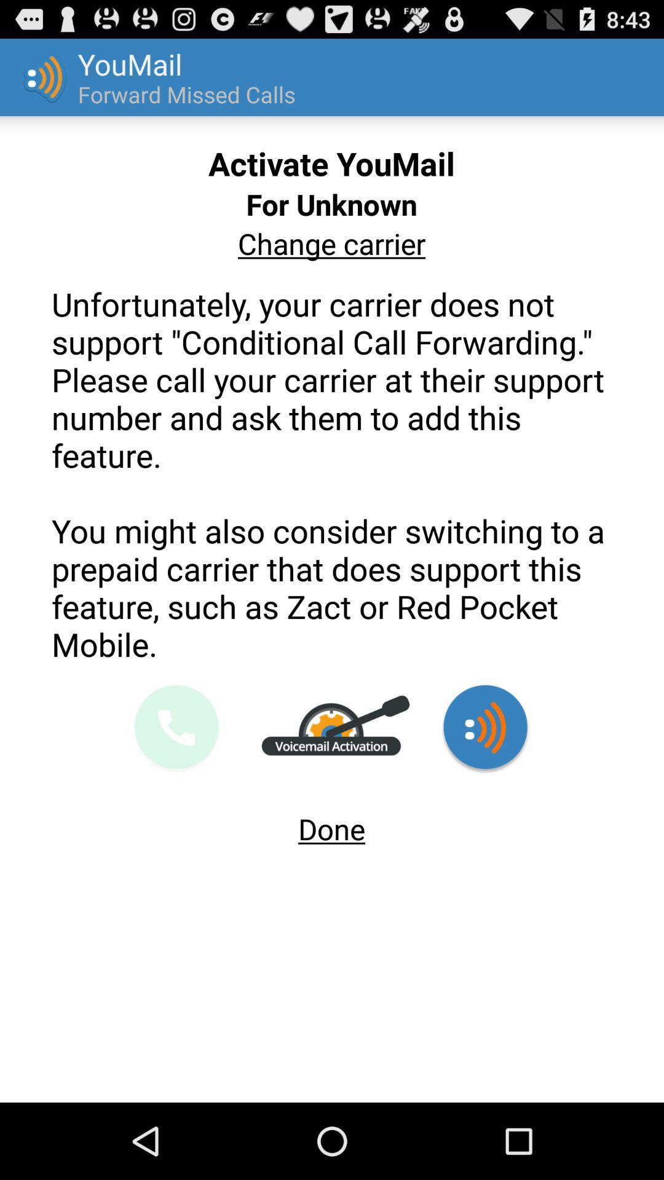 This screenshot has width=664, height=1180. I want to click on the done app, so click(331, 824).